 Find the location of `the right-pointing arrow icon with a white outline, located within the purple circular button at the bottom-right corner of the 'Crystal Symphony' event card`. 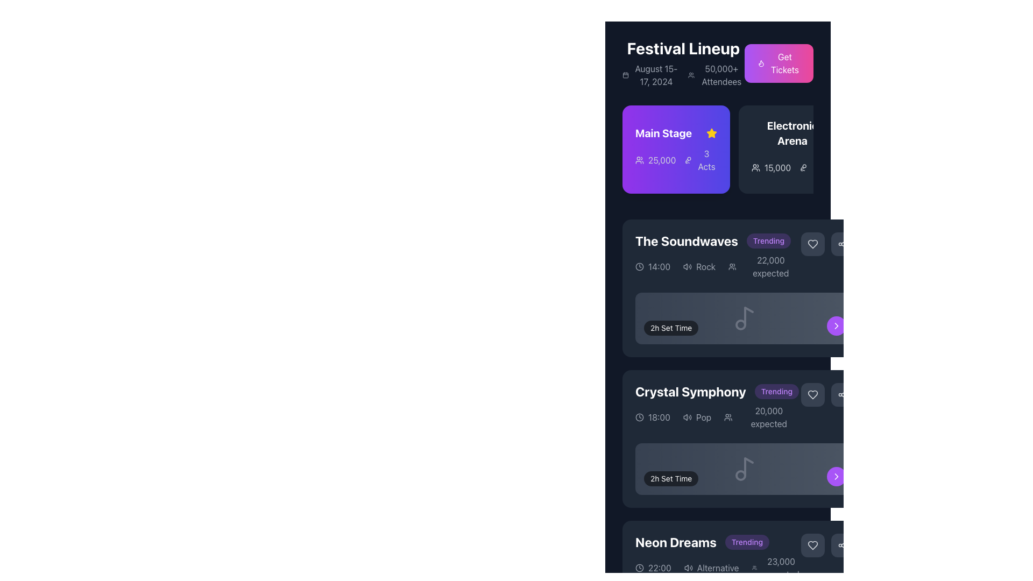

the right-pointing arrow icon with a white outline, located within the purple circular button at the bottom-right corner of the 'Crystal Symphony' event card is located at coordinates (836, 325).